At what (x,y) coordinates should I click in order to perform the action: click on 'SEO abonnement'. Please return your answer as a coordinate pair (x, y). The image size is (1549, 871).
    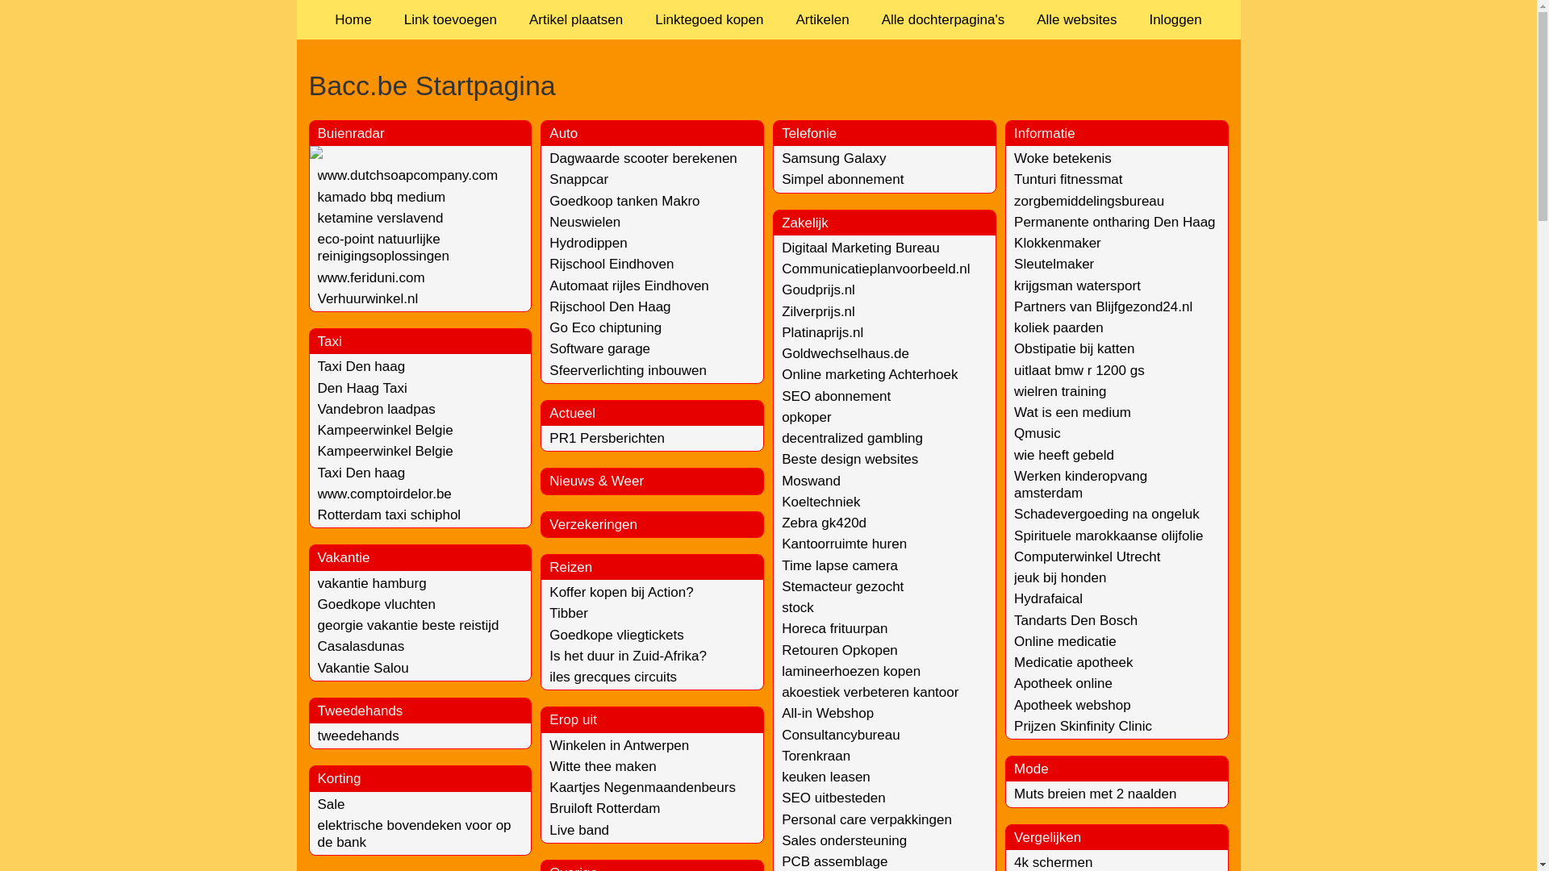
    Looking at the image, I should click on (836, 396).